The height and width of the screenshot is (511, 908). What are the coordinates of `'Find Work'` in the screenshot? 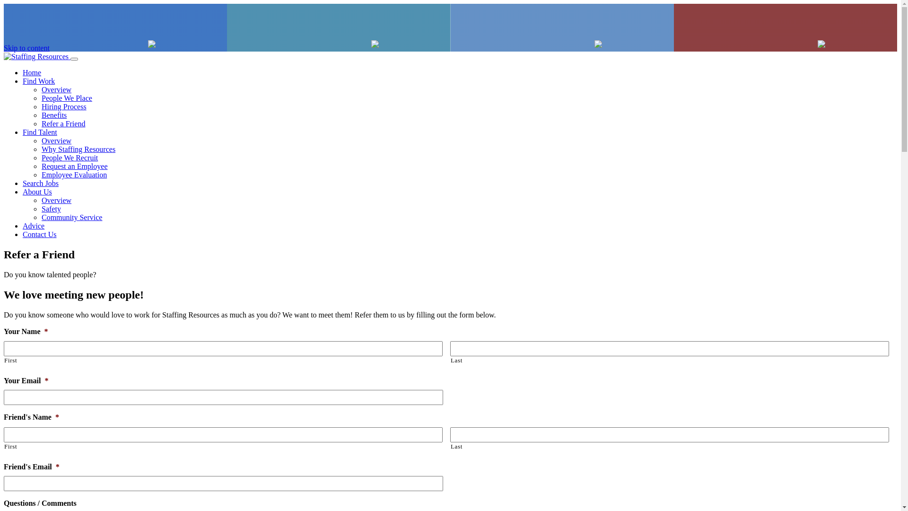 It's located at (23, 80).